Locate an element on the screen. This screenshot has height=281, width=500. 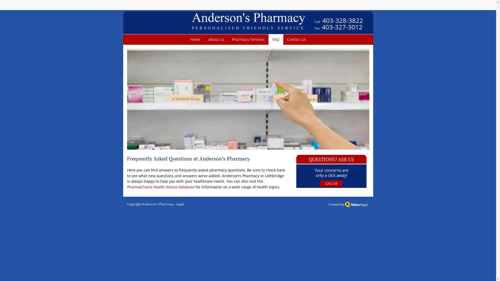
'FAQ' is located at coordinates (268, 39).